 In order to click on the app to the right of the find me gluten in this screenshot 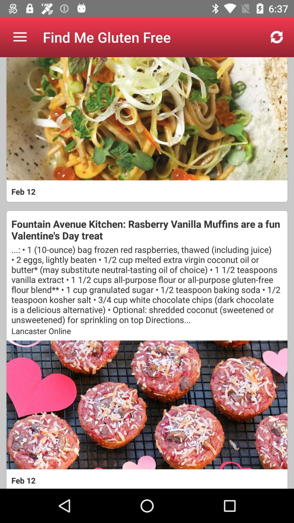, I will do `click(277, 37)`.